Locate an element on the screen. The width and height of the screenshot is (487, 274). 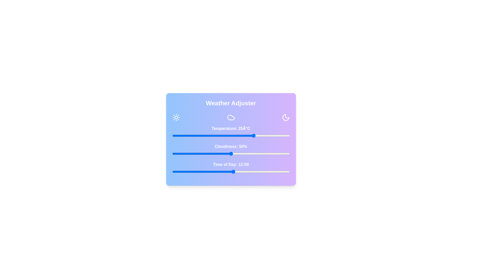
the time of day is located at coordinates (274, 172).